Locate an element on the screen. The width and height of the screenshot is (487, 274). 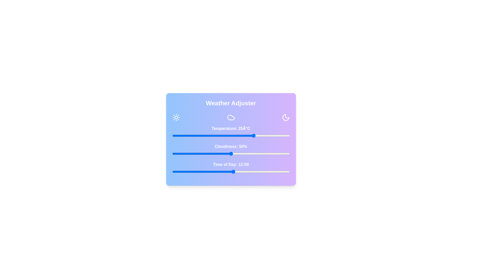
the time of day is located at coordinates (274, 172).